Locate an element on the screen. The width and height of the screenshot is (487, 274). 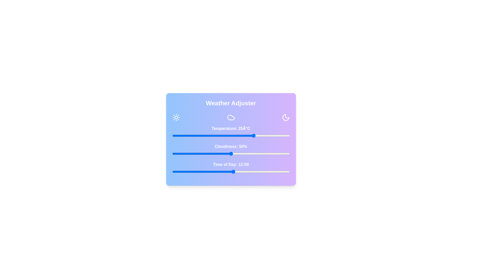
the time of day is located at coordinates (274, 172).